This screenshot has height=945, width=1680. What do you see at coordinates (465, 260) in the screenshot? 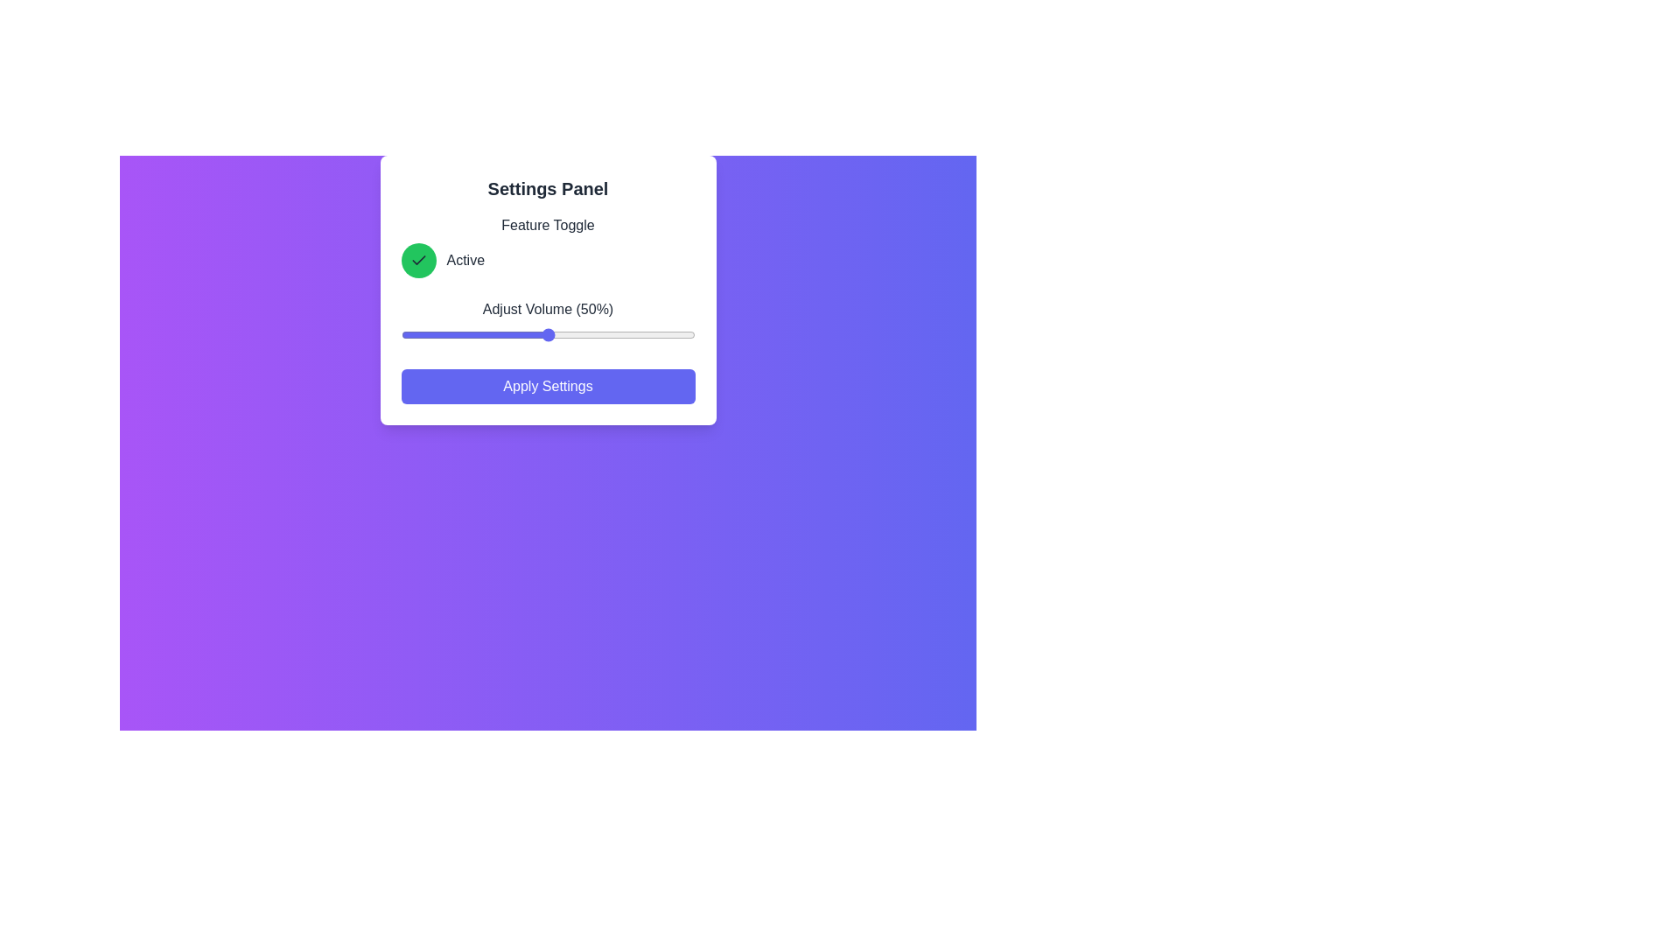
I see `text from the status indicator labeled 'Active', which is positioned below the heading 'Feature Toggle' inside a modal, aligned to the right of a green circular icon with a checkmark` at bounding box center [465, 260].